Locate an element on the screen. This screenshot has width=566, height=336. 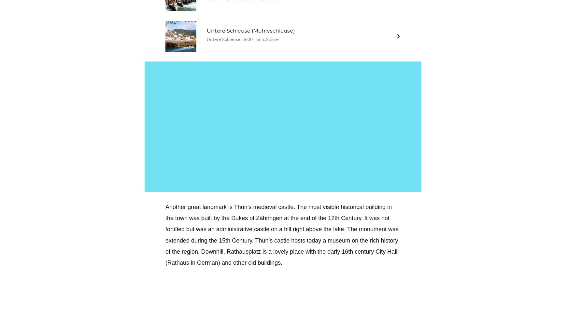
'Downhill, Rathausplatz is a lovely place with the early 16th century City Hall' is located at coordinates (299, 251).